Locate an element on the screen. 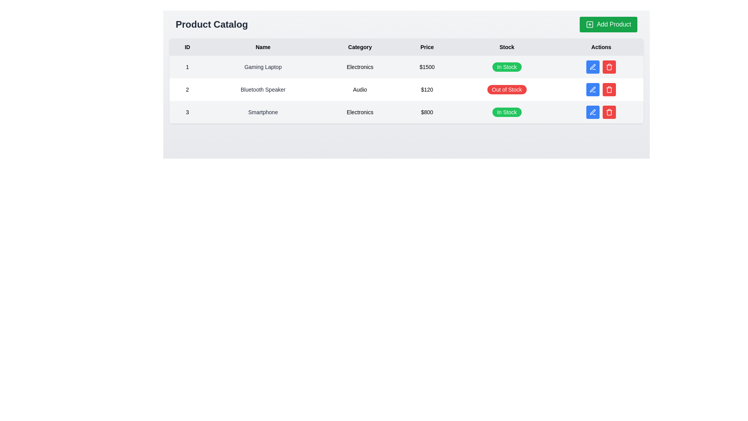 This screenshot has height=421, width=748. 'ID' column header cell located in the first column of the table header, which precedes the 'Name', 'Category', 'Price', 'Stock', and 'Actions' columns is located at coordinates (187, 47).